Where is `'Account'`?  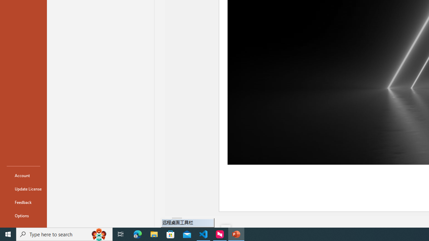
'Account' is located at coordinates (23, 175).